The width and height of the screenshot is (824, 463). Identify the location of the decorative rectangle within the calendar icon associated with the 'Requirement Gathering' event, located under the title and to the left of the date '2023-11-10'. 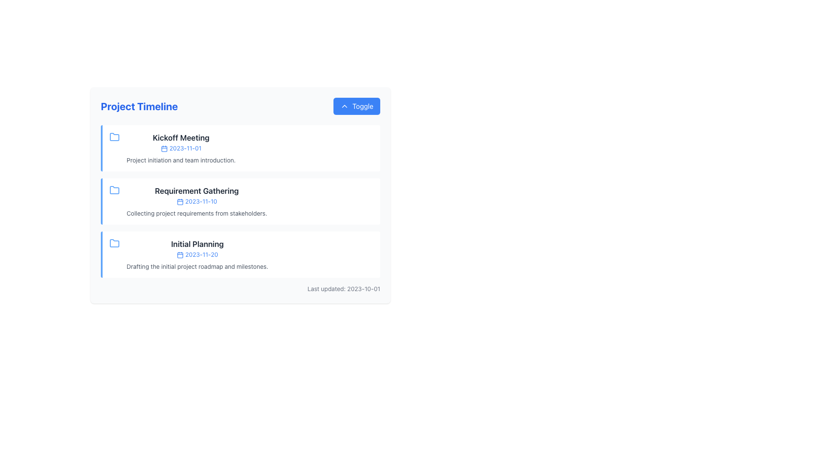
(179, 202).